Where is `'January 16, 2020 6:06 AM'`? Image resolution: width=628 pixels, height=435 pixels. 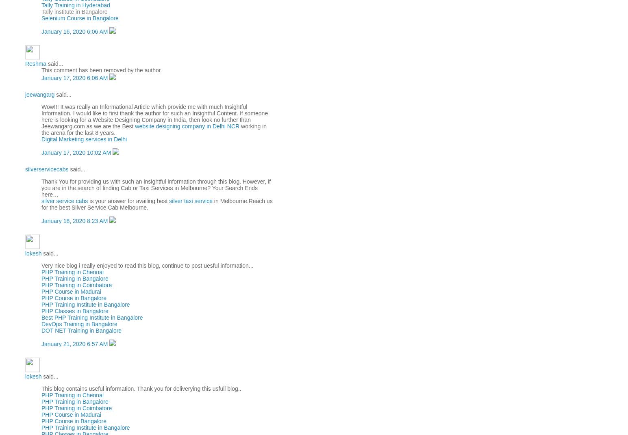 'January 16, 2020 6:06 AM' is located at coordinates (75, 31).